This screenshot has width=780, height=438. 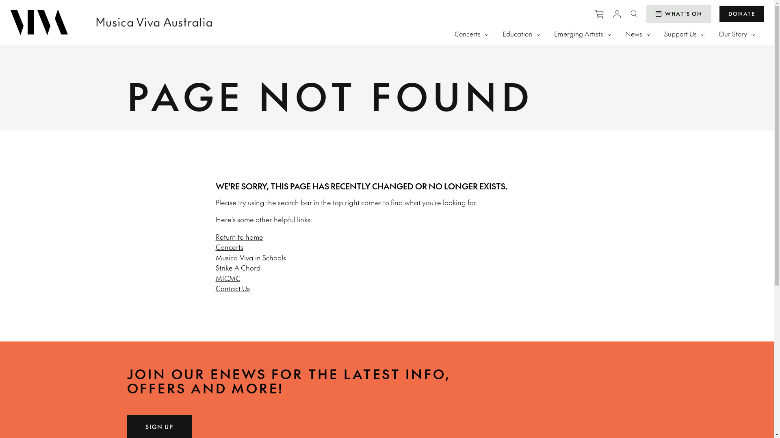 What do you see at coordinates (684, 33) in the screenshot?
I see `'Support Us'` at bounding box center [684, 33].